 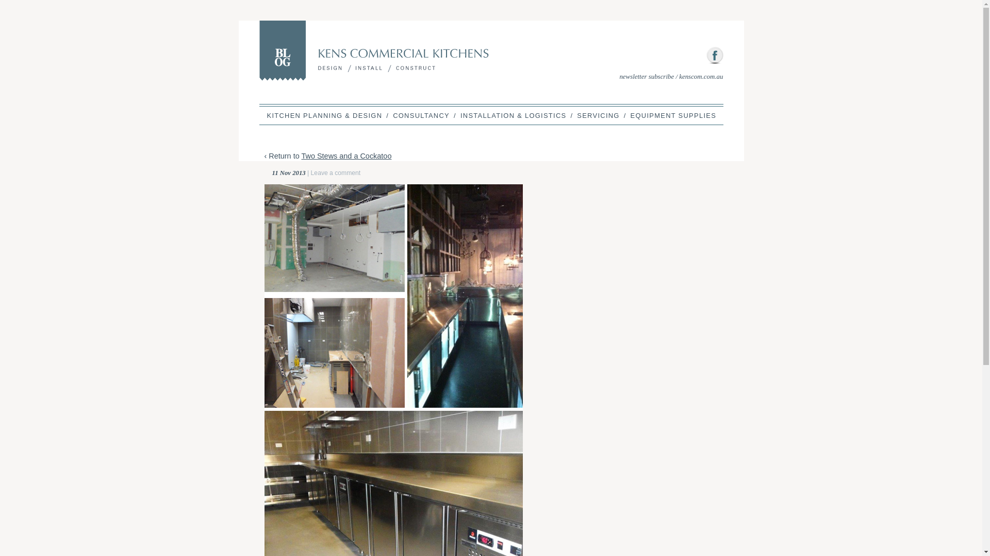 I want to click on 'kenscom.com.au', so click(x=701, y=76).